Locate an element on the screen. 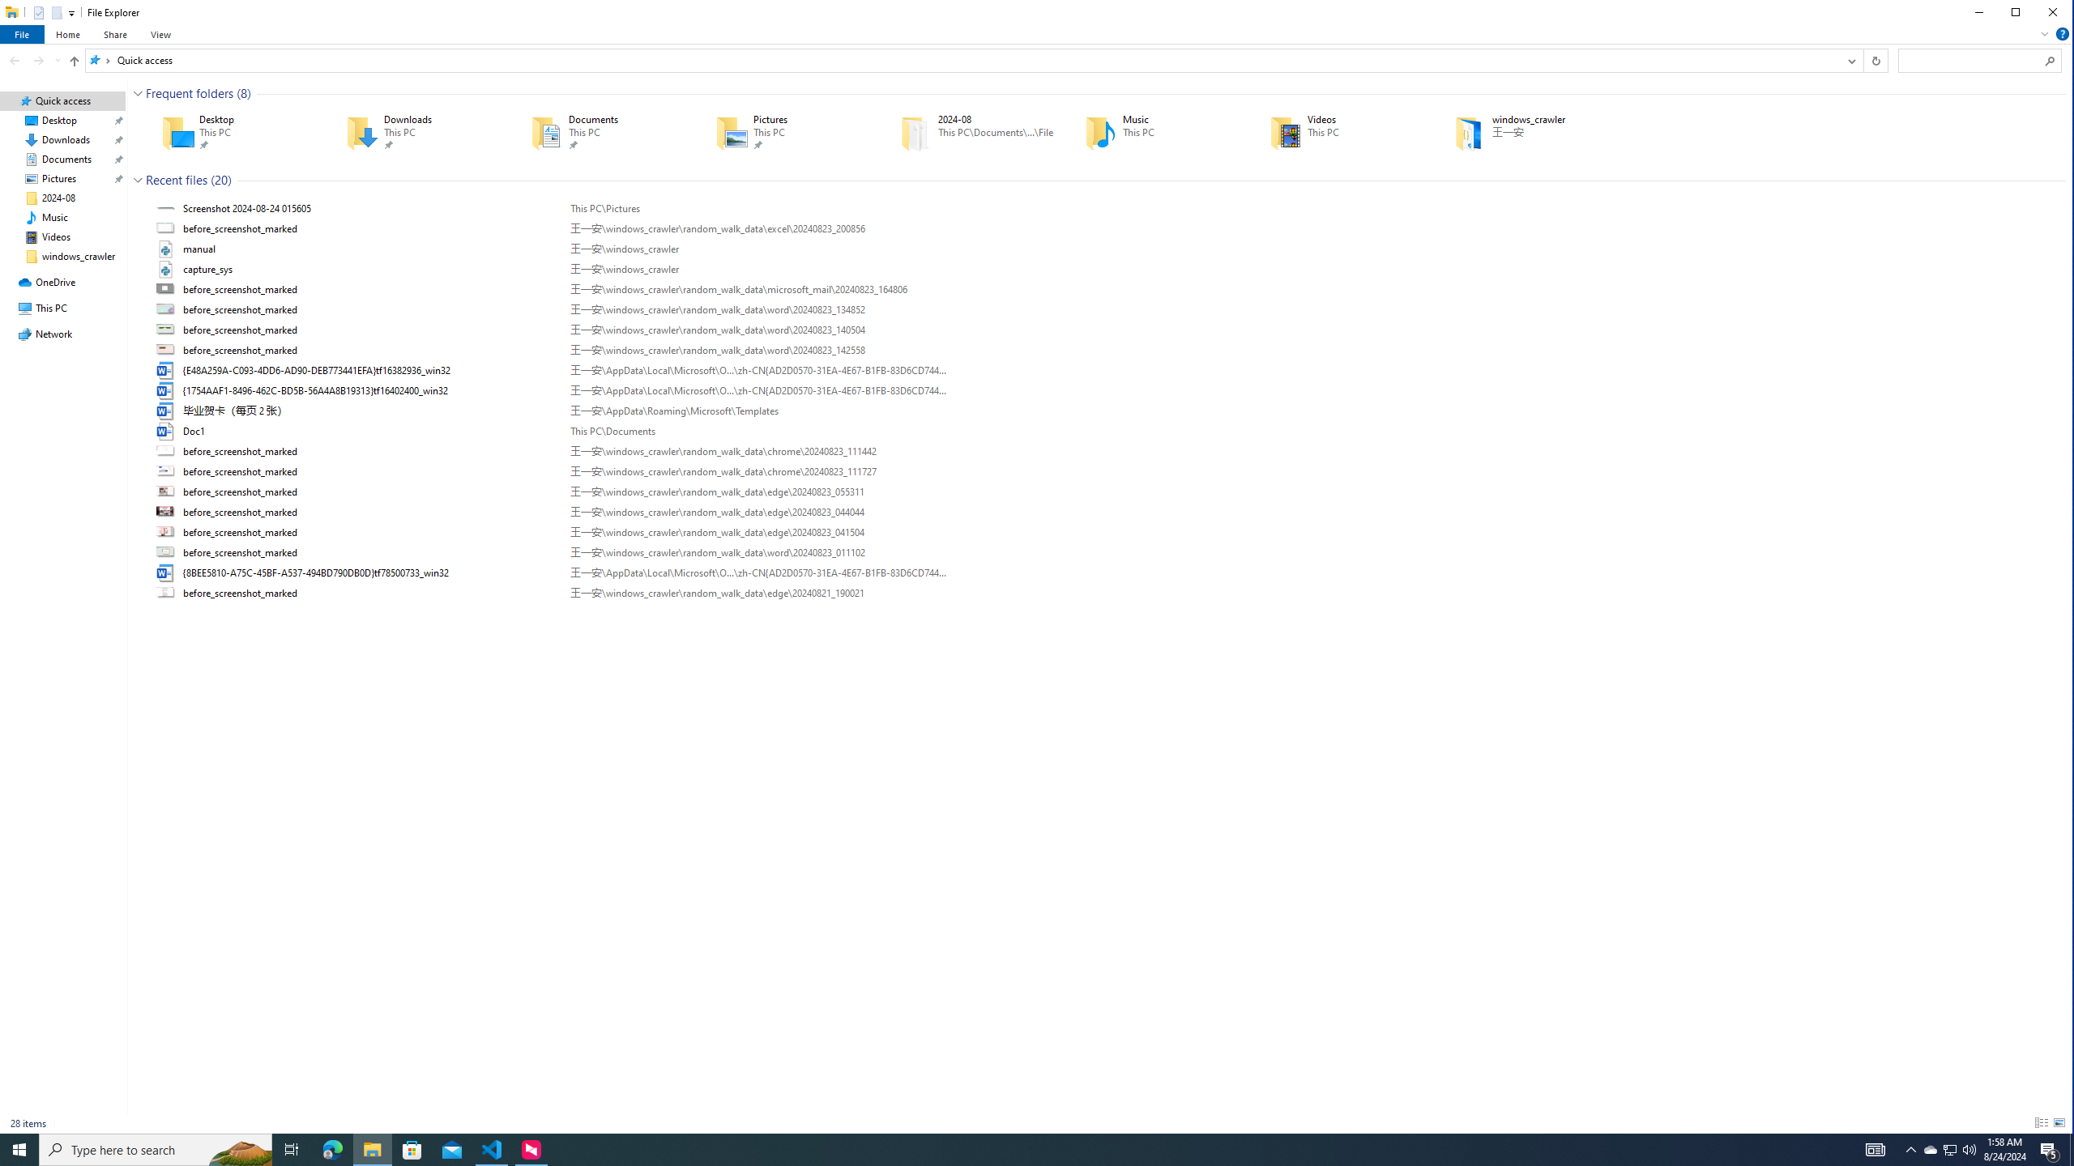 The height and width of the screenshot is (1166, 2074). 'Navigation buttons' is located at coordinates (32, 59).